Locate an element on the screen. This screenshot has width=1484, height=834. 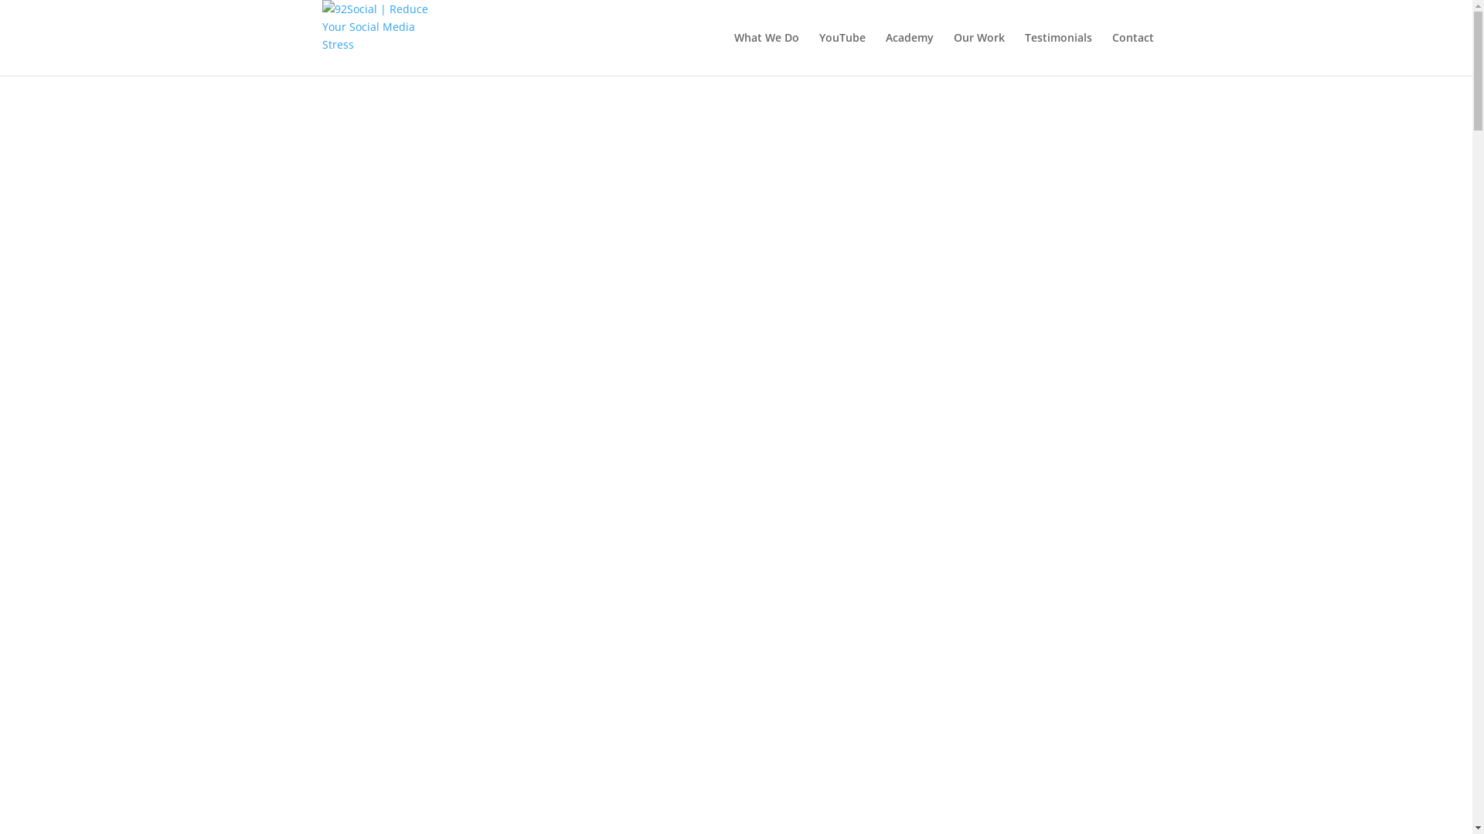
'Contact' is located at coordinates (1132, 53).